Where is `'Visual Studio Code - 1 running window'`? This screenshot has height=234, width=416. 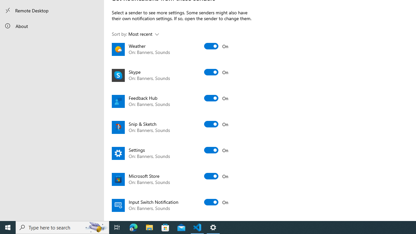
'Visual Studio Code - 1 running window' is located at coordinates (197, 227).